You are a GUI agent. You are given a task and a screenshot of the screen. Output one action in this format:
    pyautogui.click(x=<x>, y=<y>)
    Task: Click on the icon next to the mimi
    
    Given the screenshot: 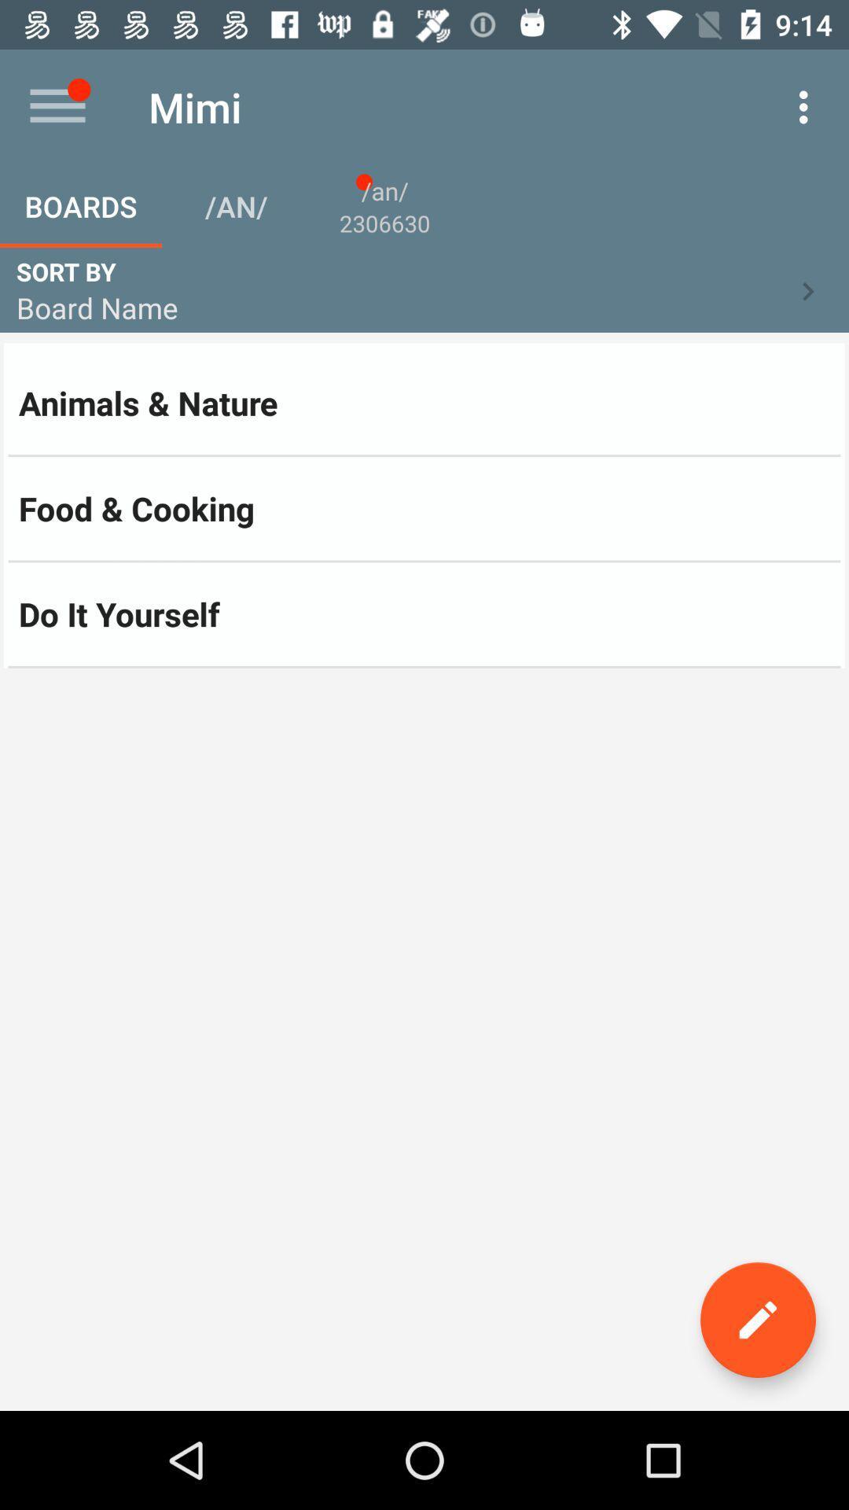 What is the action you would take?
    pyautogui.click(x=807, y=106)
    